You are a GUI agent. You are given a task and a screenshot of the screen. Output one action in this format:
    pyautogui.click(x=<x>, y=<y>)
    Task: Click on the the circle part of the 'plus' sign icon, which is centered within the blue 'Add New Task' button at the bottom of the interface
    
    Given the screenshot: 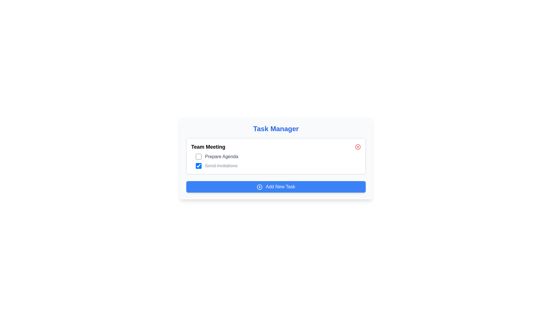 What is the action you would take?
    pyautogui.click(x=259, y=187)
    